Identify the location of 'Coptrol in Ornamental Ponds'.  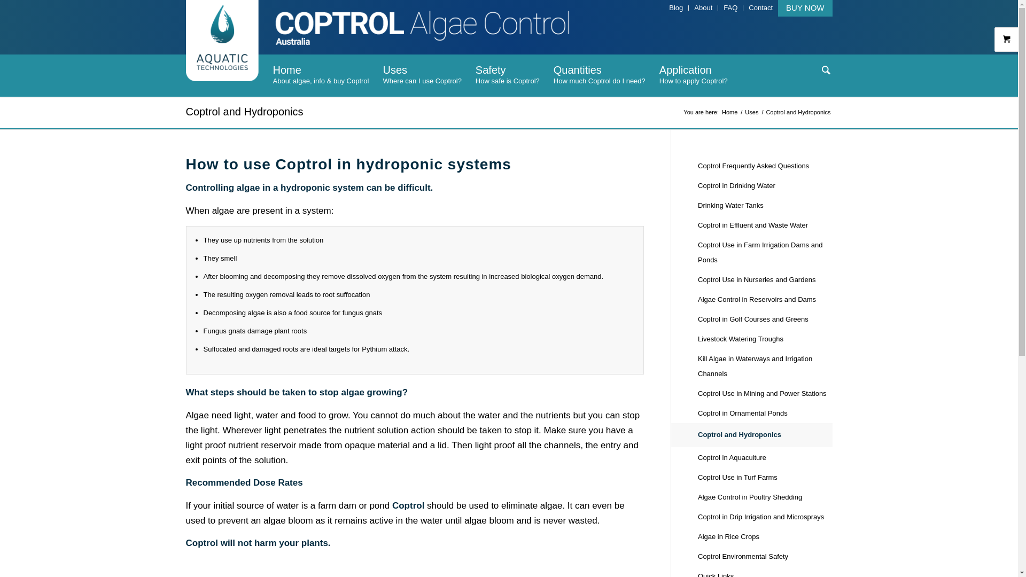
(764, 413).